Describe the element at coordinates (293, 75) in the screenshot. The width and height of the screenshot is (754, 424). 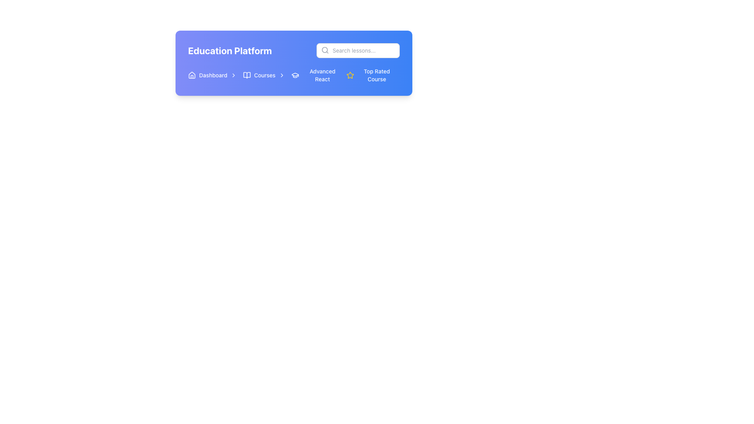
I see `any step in the Breadcrumb navigation located below the 'Education Platform' title` at that location.